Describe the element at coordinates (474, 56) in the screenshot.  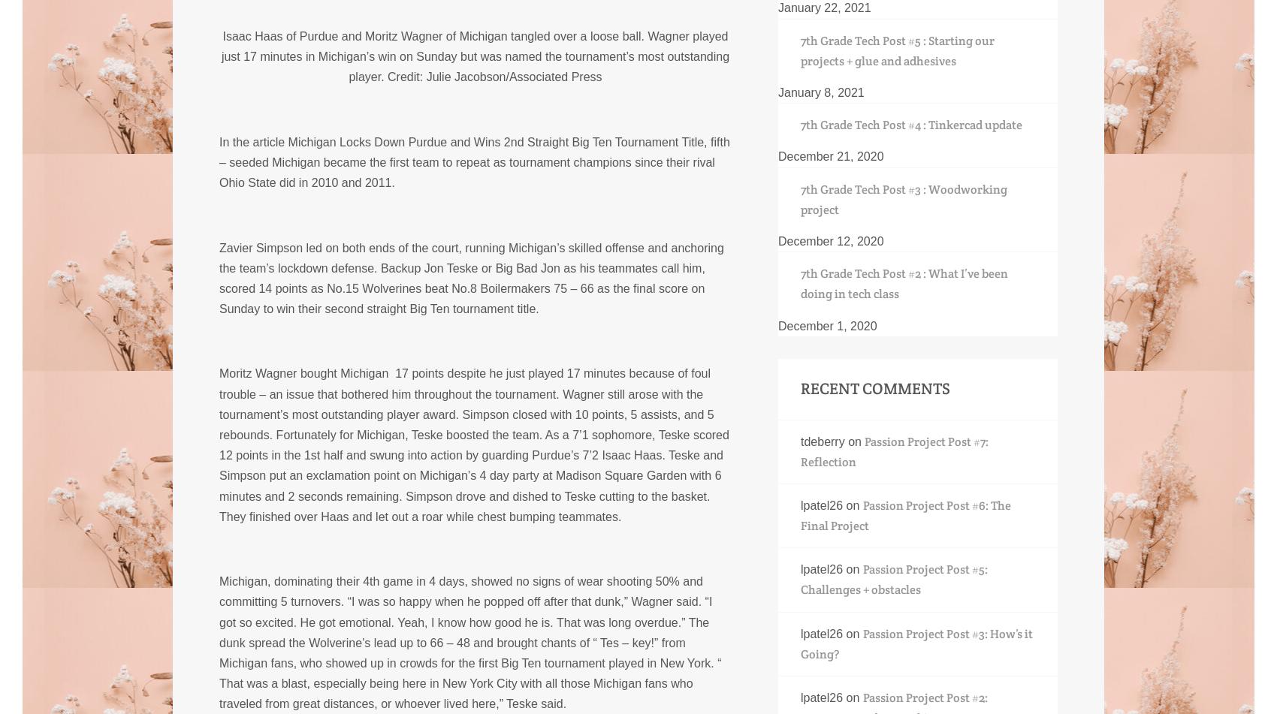
I see `'Isaac Haas of Purdue and Moritz Wagner of Michigan tangled over a loose ball. Wagner played just 17 minutes in Michigan’s win on Sunday but was named the tournament’s most outstanding player.'` at that location.